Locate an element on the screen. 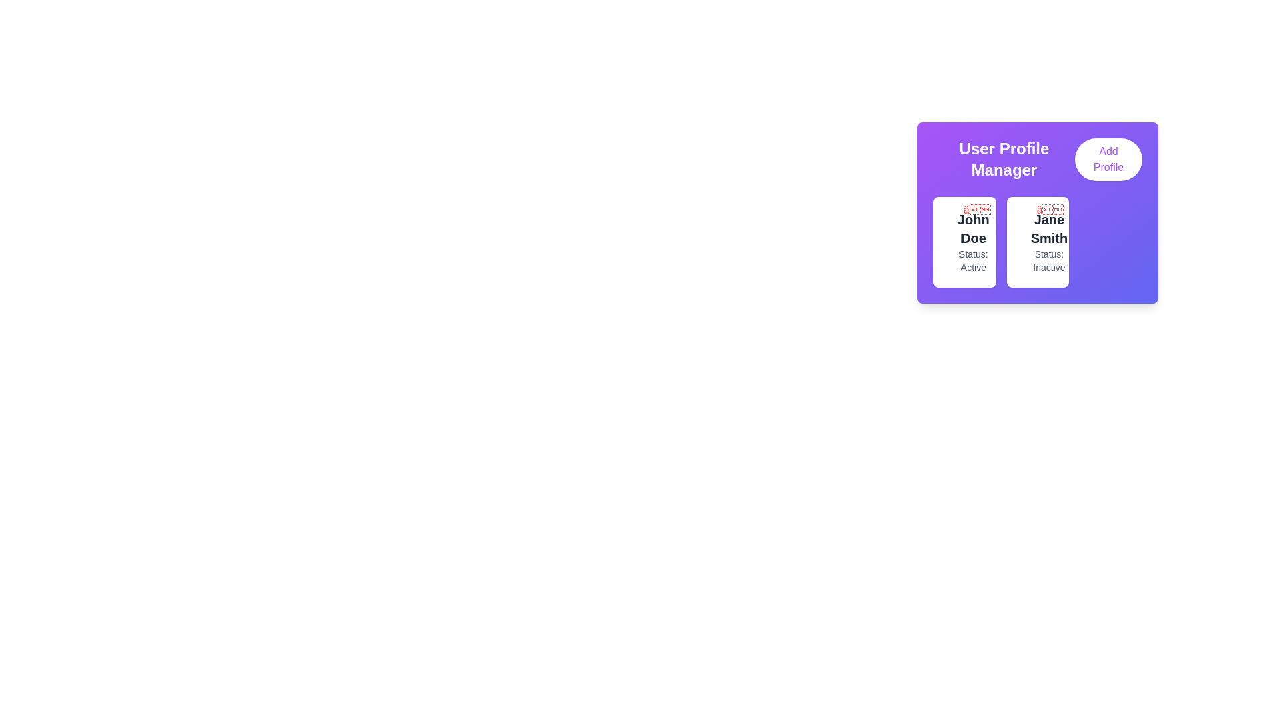 The height and width of the screenshot is (721, 1282). the text display element showing 'John' and 'Doe' within the left card of the 'User Profile Manager', which has a white background is located at coordinates (973, 228).